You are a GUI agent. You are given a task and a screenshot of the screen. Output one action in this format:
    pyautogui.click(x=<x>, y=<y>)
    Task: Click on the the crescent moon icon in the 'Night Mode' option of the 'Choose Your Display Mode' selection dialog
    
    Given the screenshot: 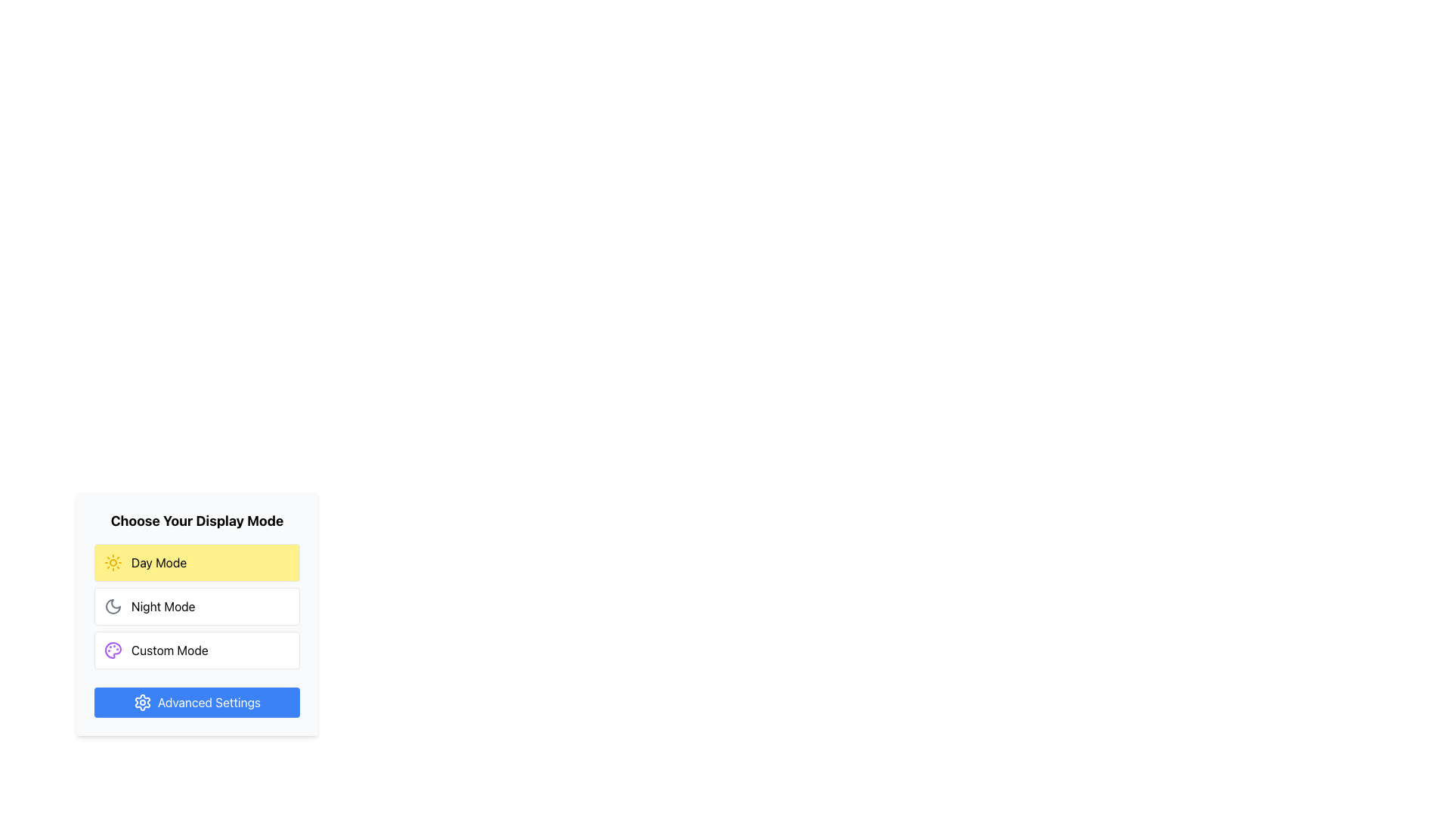 What is the action you would take?
    pyautogui.click(x=112, y=605)
    